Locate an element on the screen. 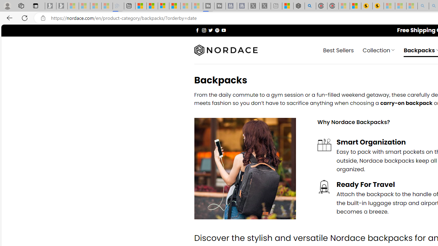  'Follow on Facebook' is located at coordinates (197, 30).